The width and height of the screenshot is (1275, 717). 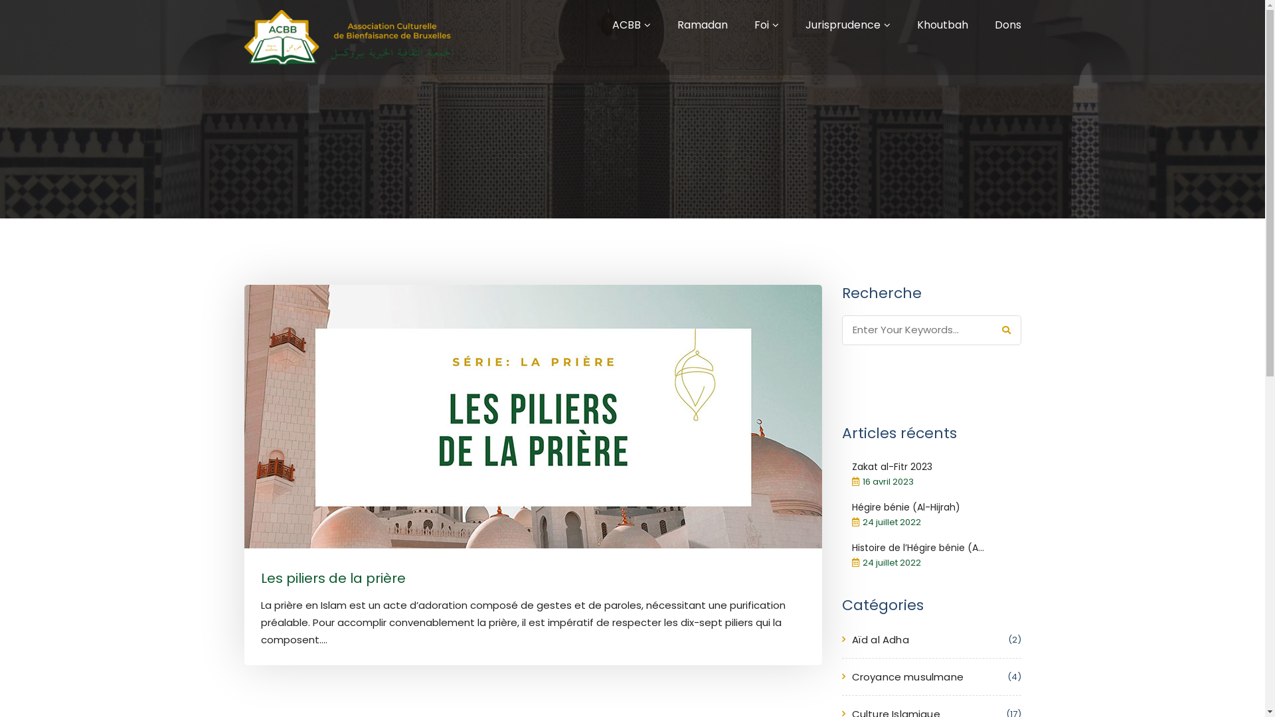 What do you see at coordinates (891, 465) in the screenshot?
I see `'Zakat al-Fitr 2023'` at bounding box center [891, 465].